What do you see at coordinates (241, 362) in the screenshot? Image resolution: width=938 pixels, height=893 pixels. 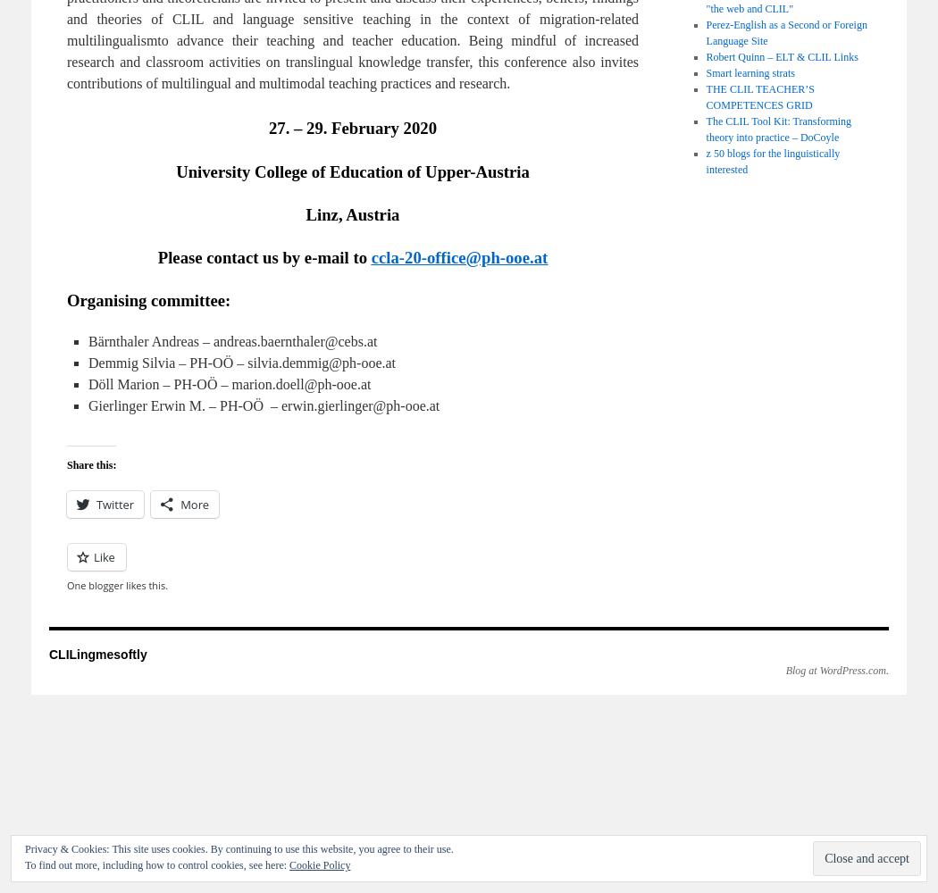 I see `'Demmig Silvia – PH-OÖ – silvia.demmig@ph-ooe.at'` at bounding box center [241, 362].